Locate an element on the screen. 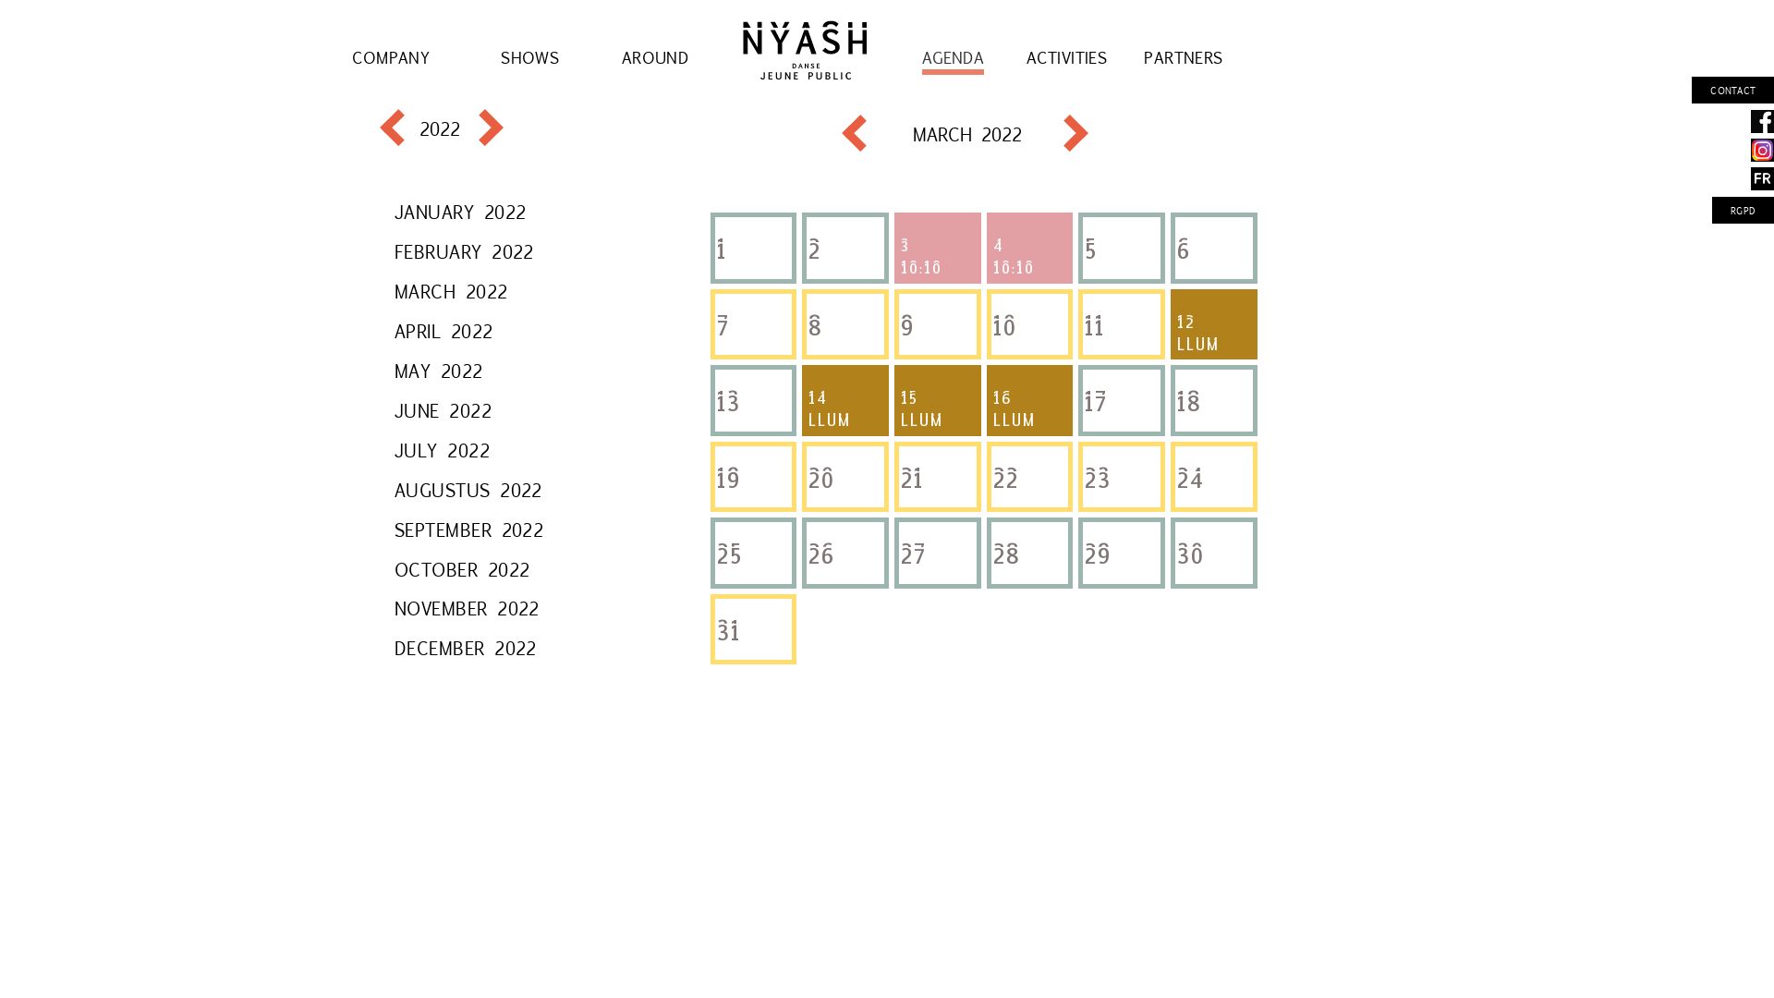 The image size is (1774, 998). 'SHOWS' is located at coordinates (529, 55).